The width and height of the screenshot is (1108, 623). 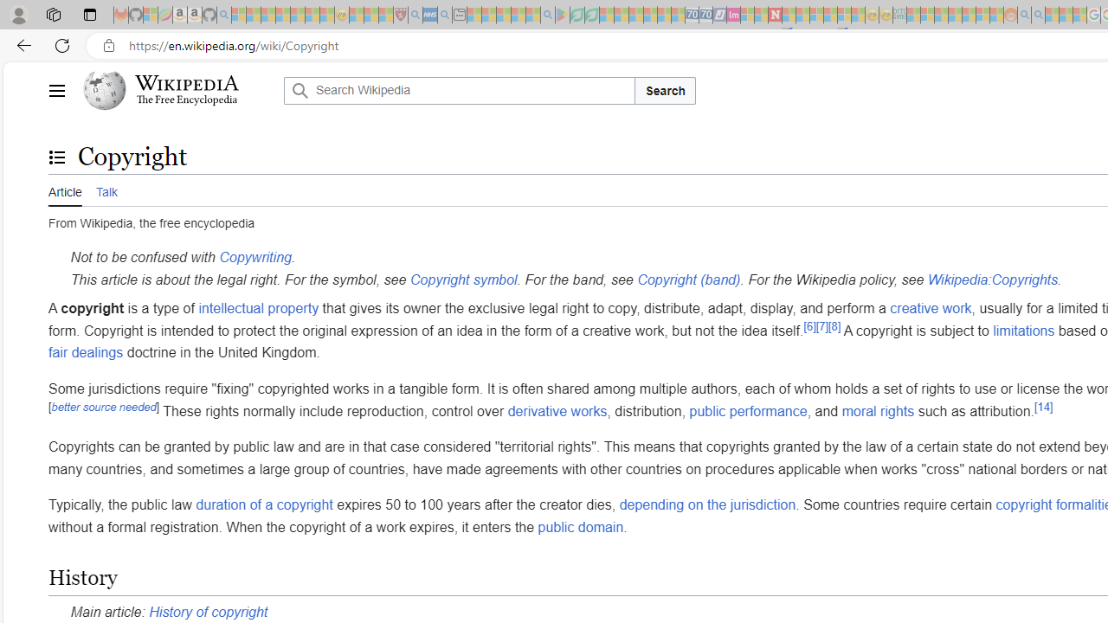 I want to click on '[8]', so click(x=834, y=325).